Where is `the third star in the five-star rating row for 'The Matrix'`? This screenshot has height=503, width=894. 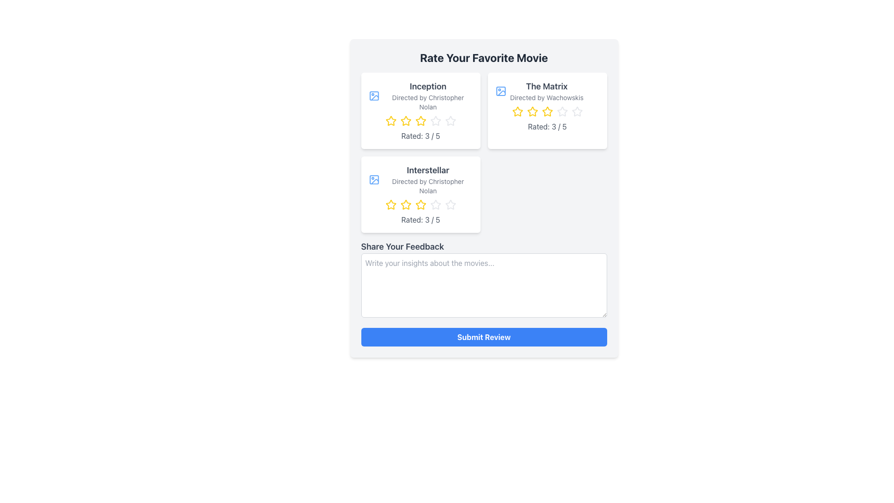
the third star in the five-star rating row for 'The Matrix' is located at coordinates (547, 111).